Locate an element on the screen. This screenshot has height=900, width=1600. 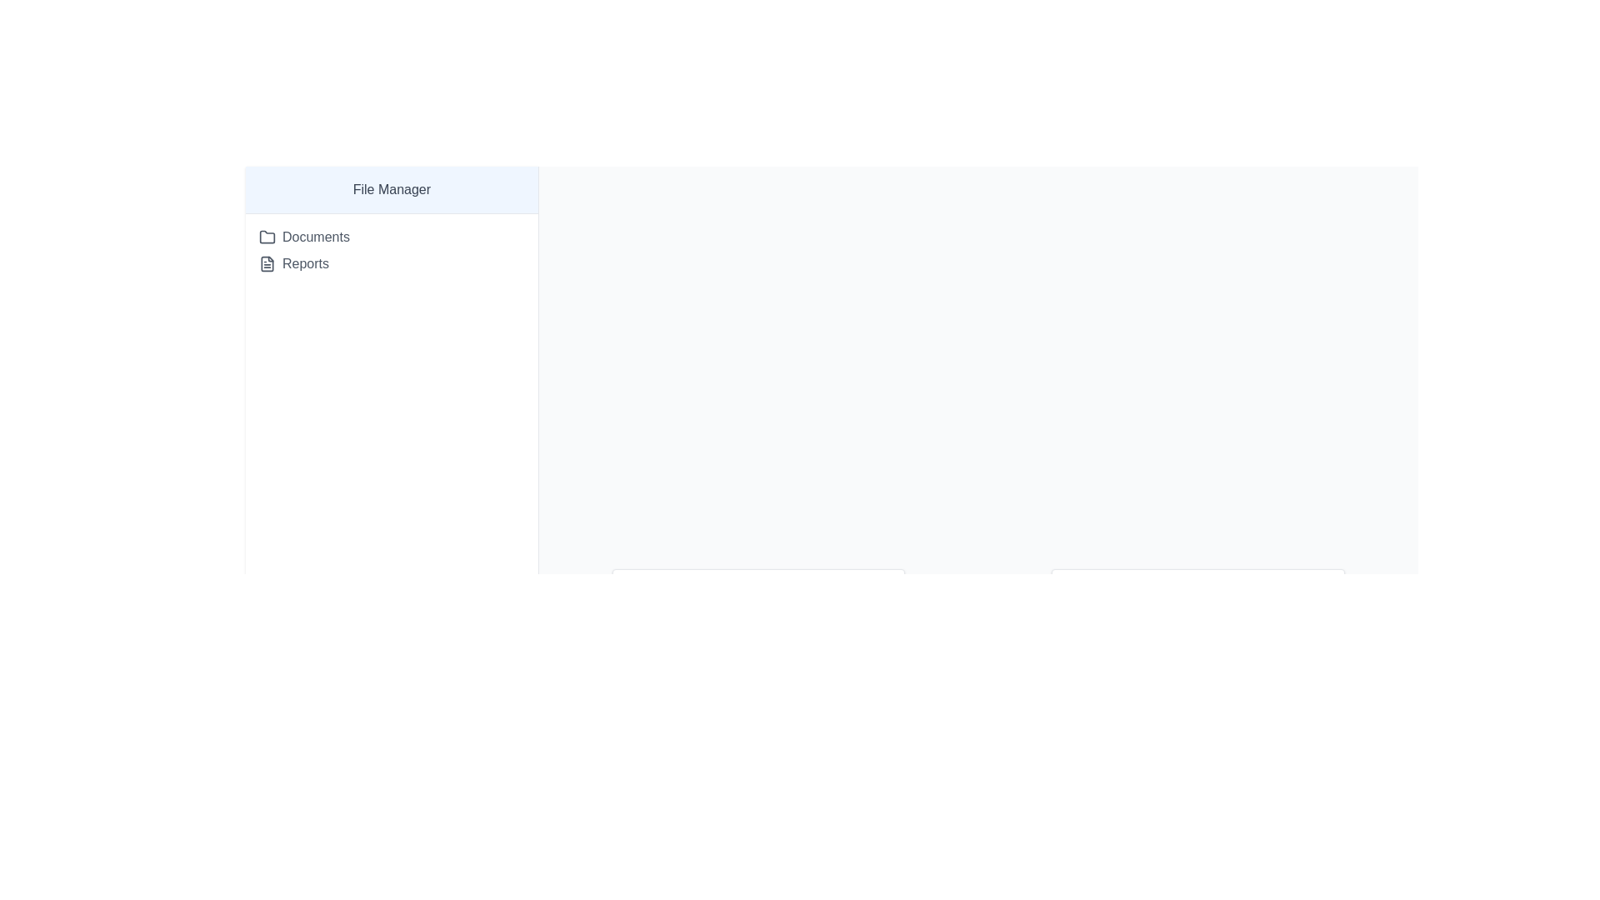
the folder icon located next to the 'Documents' label in the sidebar is located at coordinates (267, 237).